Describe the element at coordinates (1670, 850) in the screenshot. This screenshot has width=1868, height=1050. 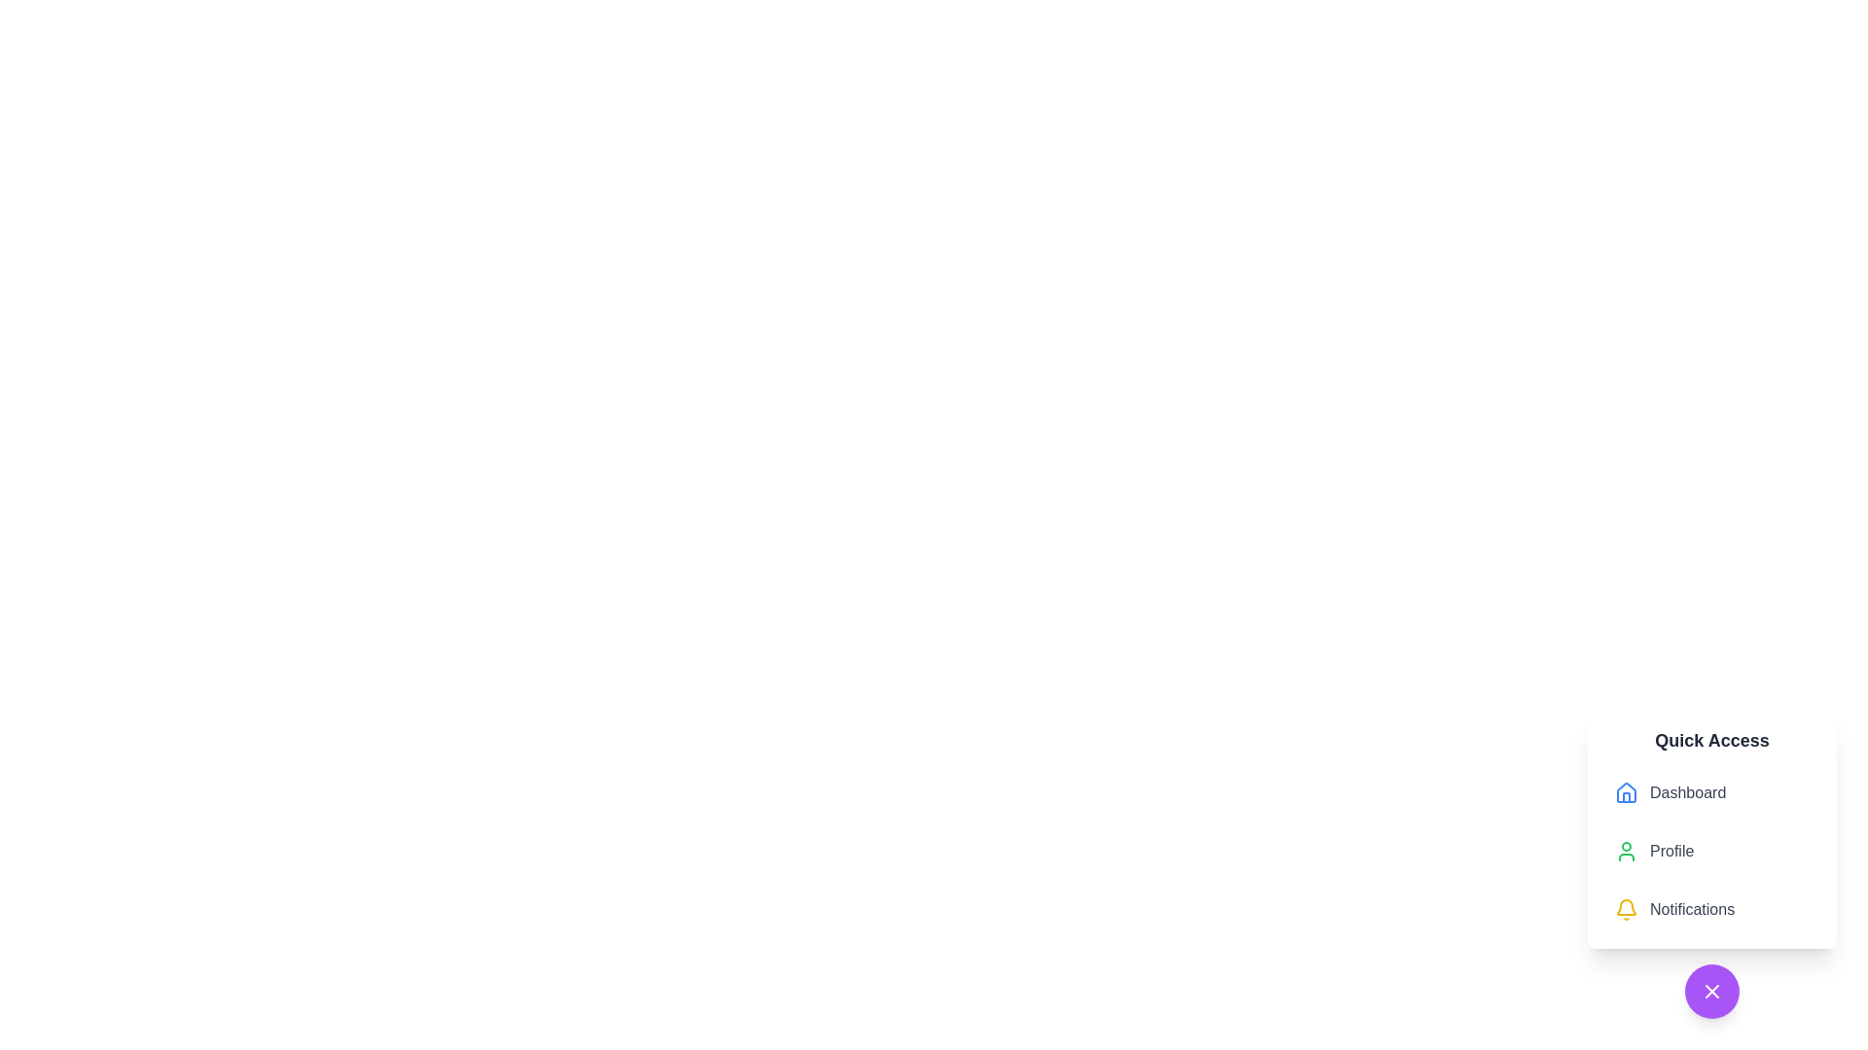
I see `the text label that identifies the user profile within the 'Quick Access' menu, positioned between 'Dashboard' and 'Notifications'` at that location.